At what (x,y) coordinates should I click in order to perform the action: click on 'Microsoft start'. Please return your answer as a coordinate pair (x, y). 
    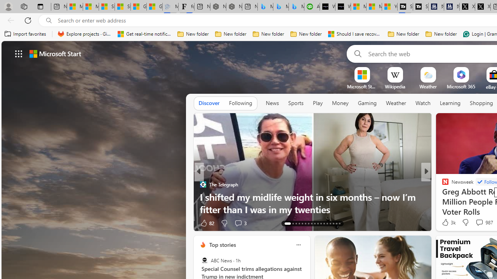
    Looking at the image, I should click on (55, 53).